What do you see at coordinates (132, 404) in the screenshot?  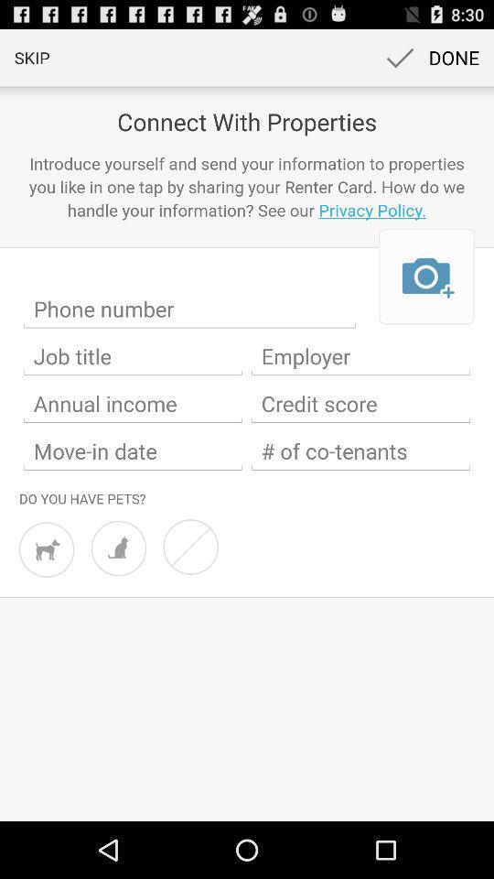 I see `annual income` at bounding box center [132, 404].